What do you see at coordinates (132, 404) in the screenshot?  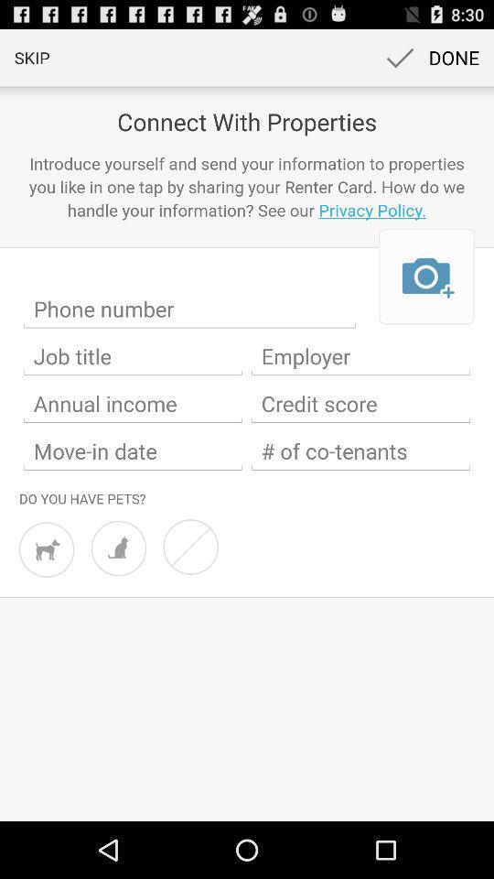 I see `annual income` at bounding box center [132, 404].